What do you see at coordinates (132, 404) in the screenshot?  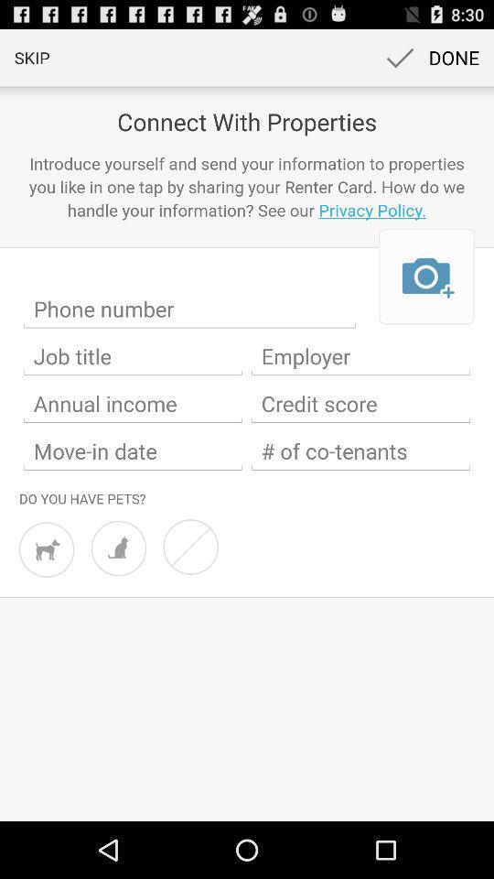 I see `annual income` at bounding box center [132, 404].